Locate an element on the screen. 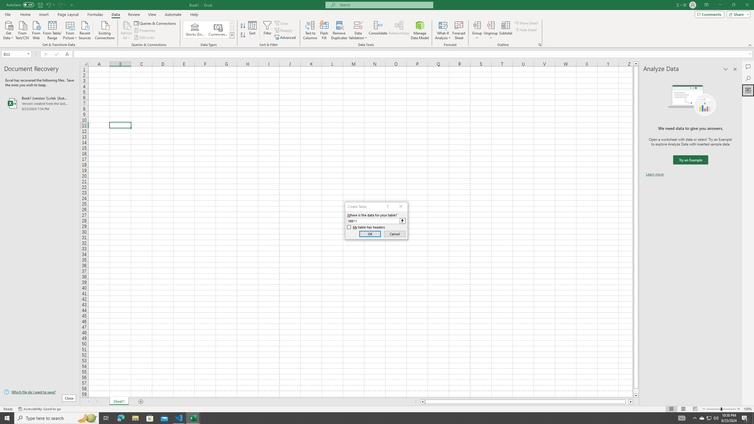 The height and width of the screenshot is (424, 754). 'Close pane' is located at coordinates (735, 69).